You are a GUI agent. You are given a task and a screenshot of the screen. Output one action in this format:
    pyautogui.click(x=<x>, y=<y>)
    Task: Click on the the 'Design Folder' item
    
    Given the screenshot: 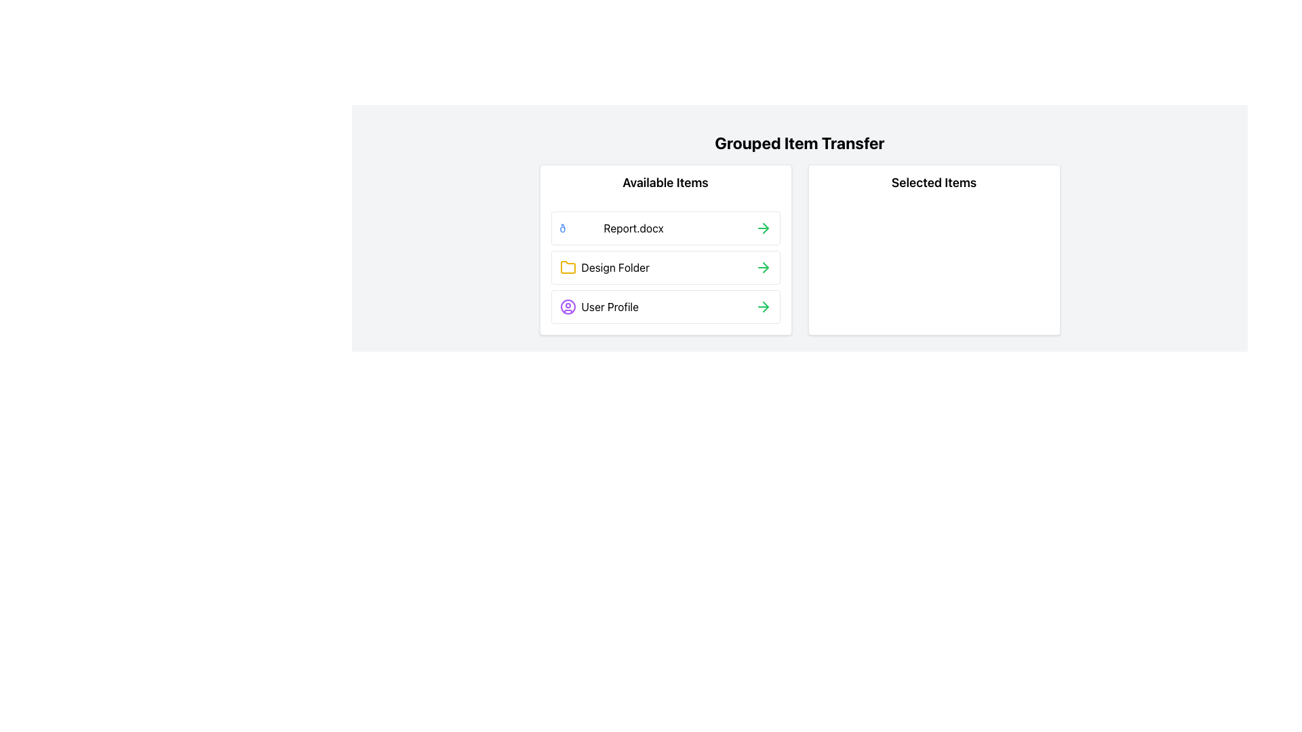 What is the action you would take?
    pyautogui.click(x=604, y=267)
    